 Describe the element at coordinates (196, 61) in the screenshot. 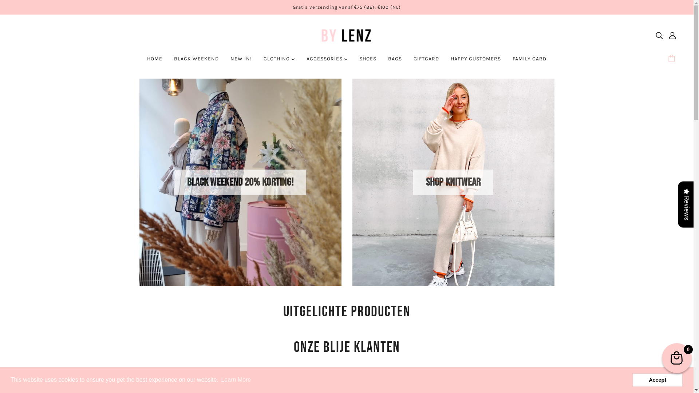

I see `'BLACK WEEKEND'` at that location.